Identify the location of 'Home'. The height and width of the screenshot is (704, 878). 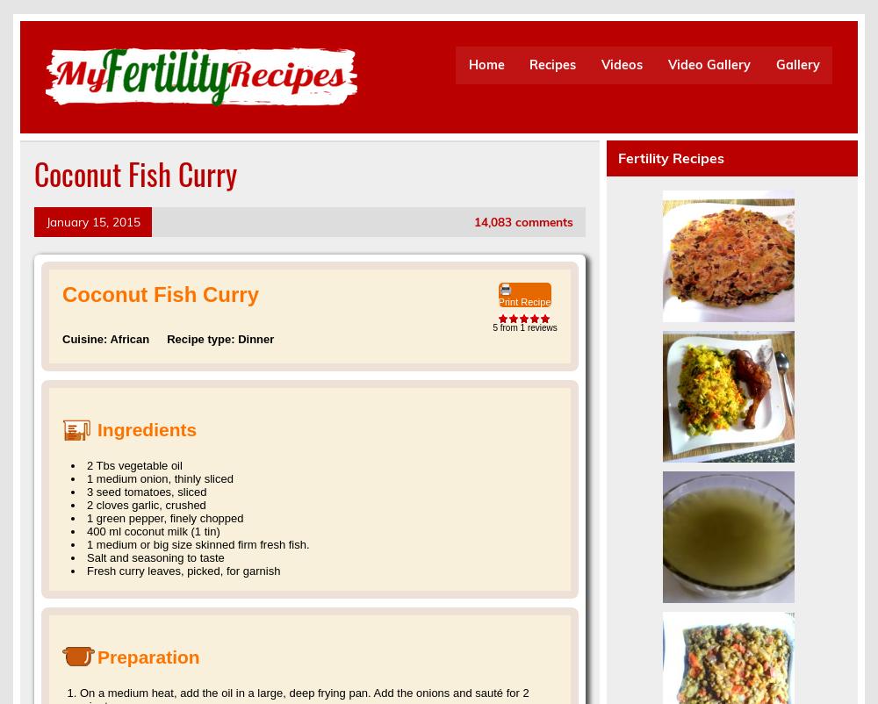
(486, 64).